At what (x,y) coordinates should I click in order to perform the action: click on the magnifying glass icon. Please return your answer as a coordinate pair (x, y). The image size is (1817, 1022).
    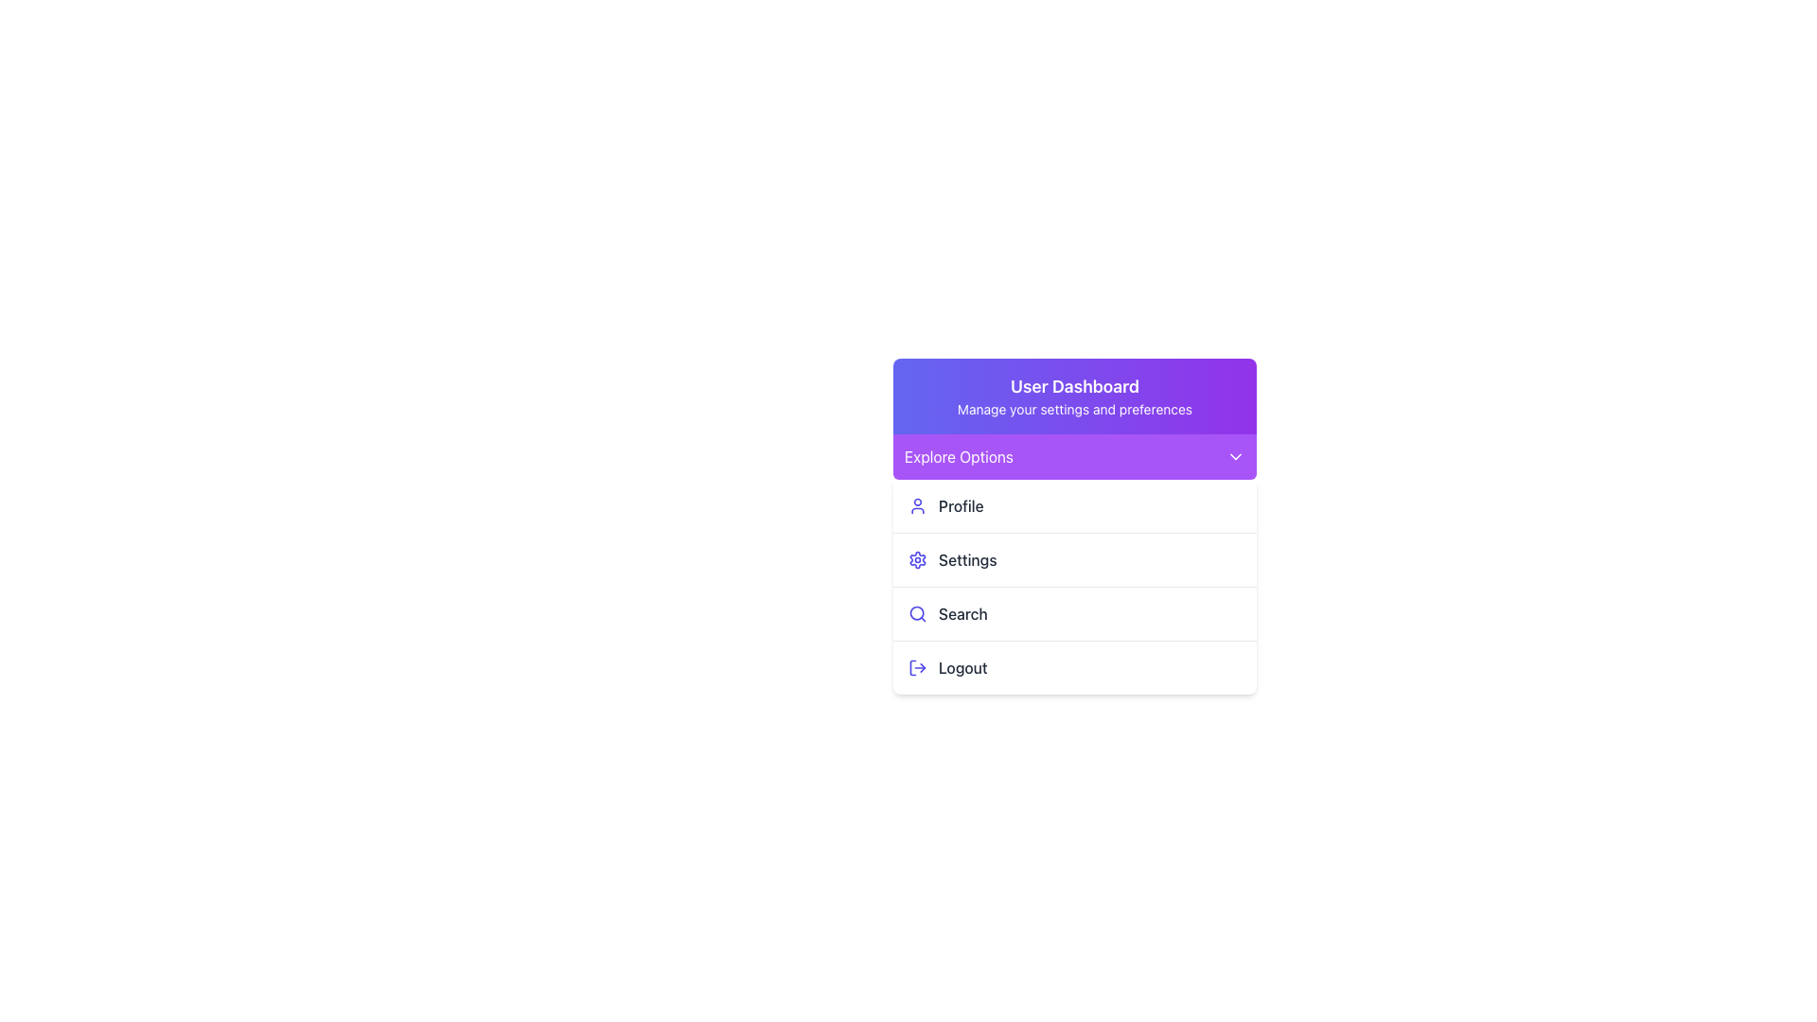
    Looking at the image, I should click on (917, 613).